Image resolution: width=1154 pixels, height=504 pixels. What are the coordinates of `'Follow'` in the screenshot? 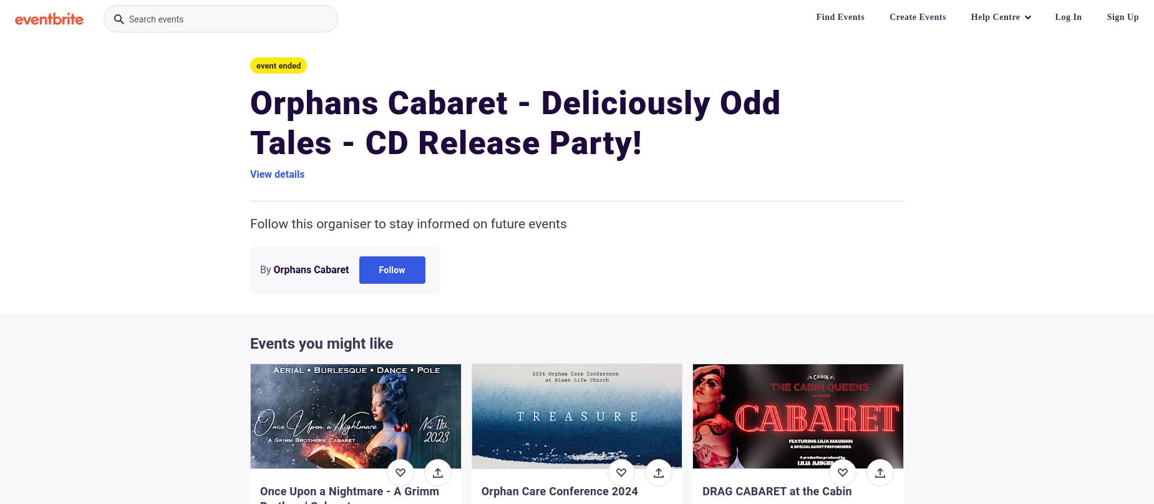 It's located at (378, 269).